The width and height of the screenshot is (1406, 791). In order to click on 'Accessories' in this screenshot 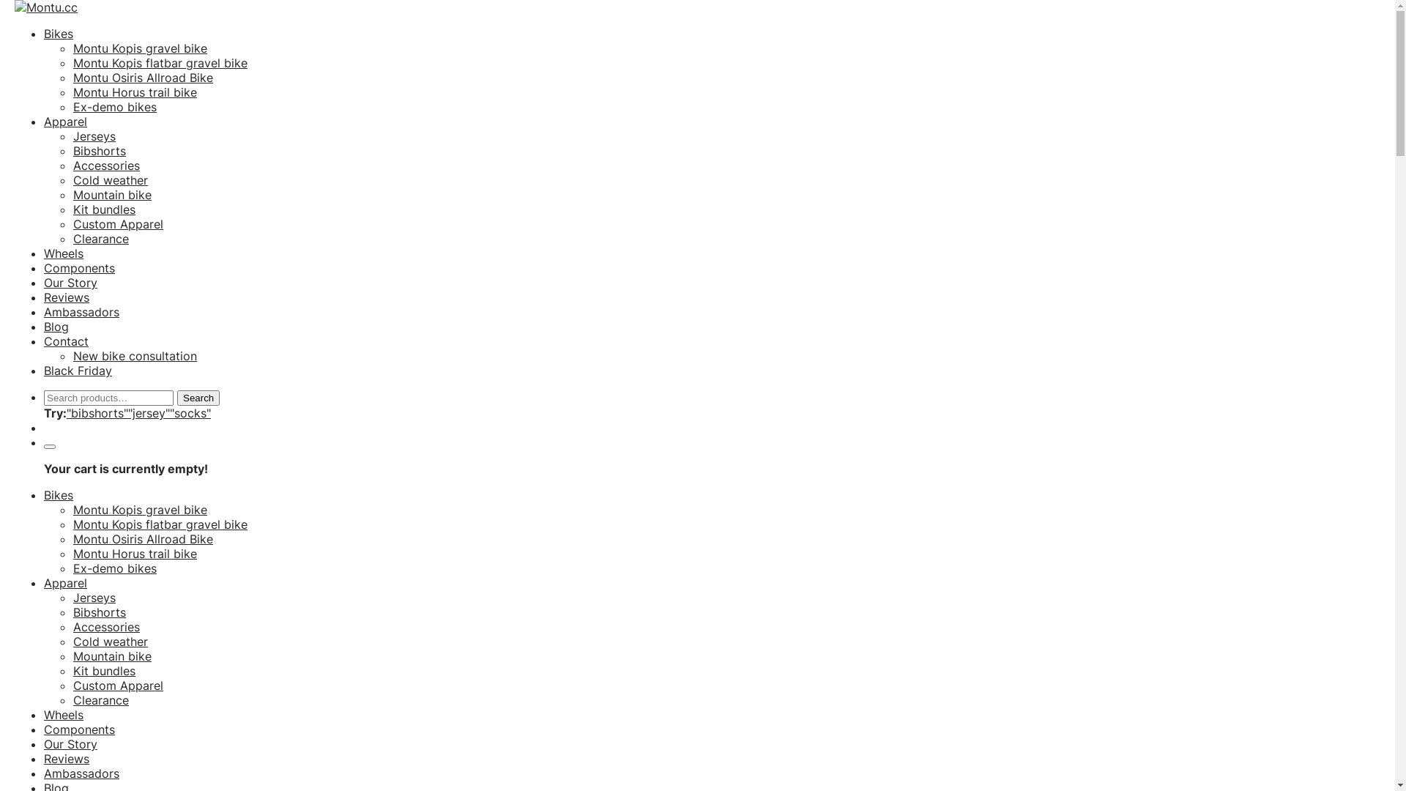, I will do `click(105, 626)`.